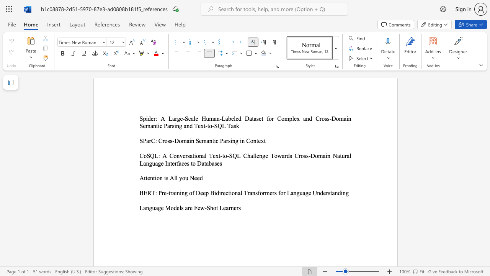 This screenshot has width=490, height=276. I want to click on the 1th character "C" in the text, so click(153, 141).